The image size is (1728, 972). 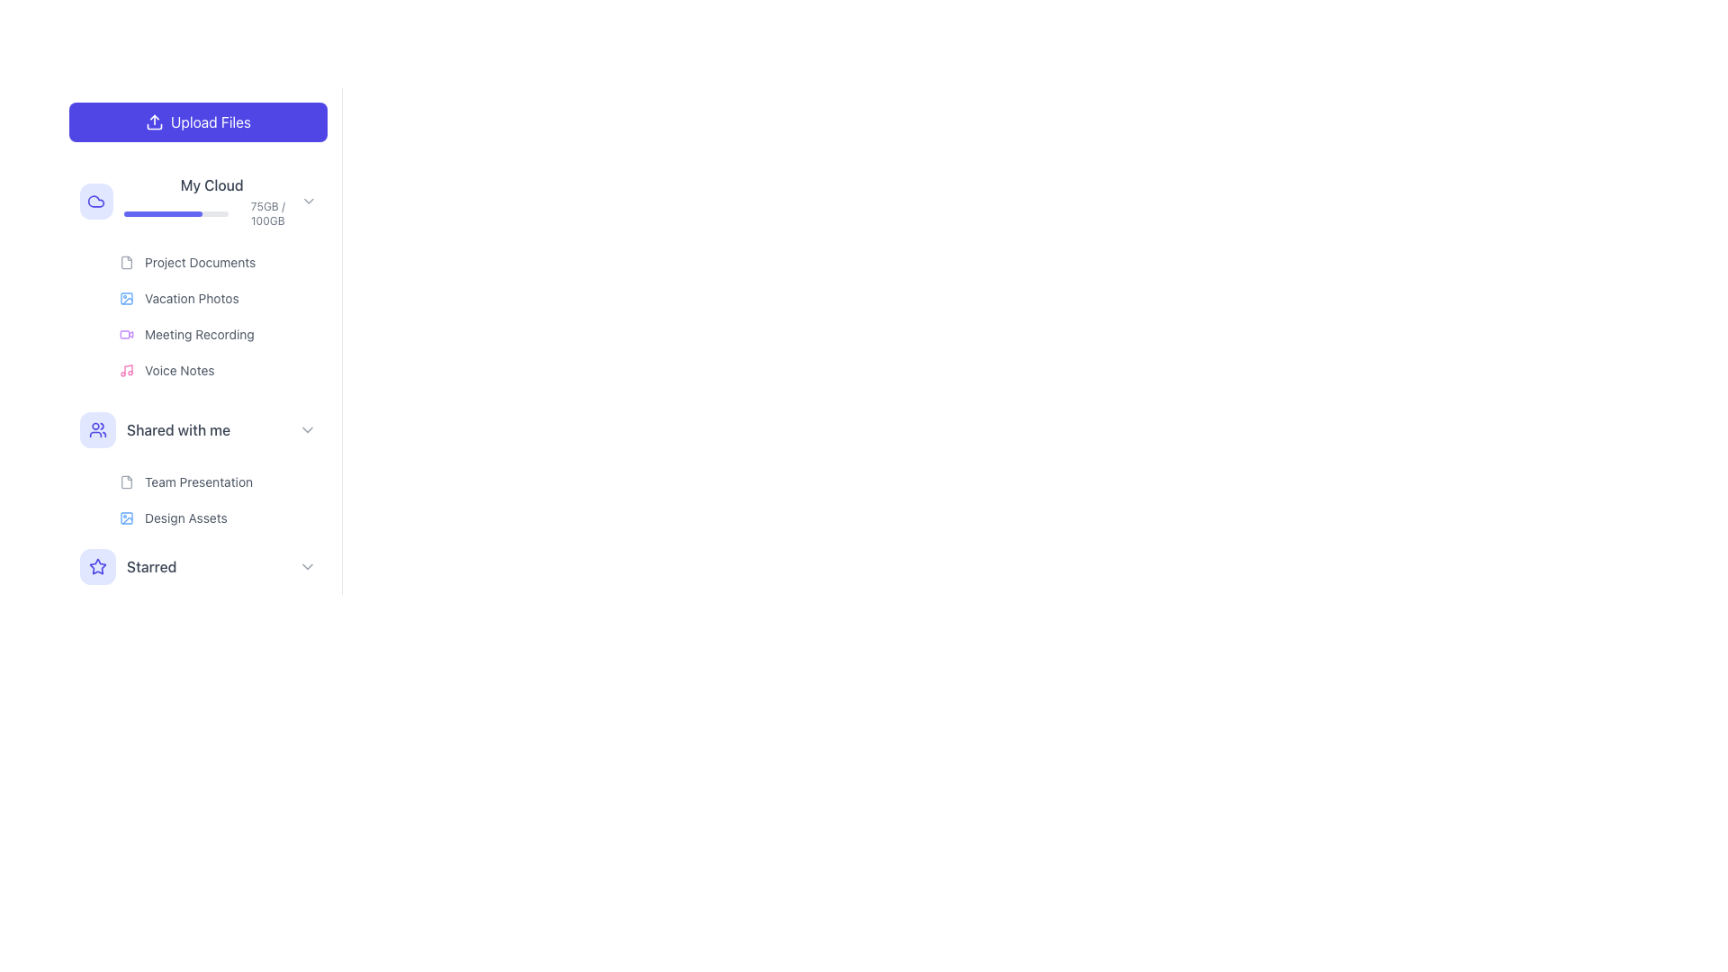 What do you see at coordinates (97, 565) in the screenshot?
I see `the indigo blue star icon located in the left pane under the 'Starred' section` at bounding box center [97, 565].